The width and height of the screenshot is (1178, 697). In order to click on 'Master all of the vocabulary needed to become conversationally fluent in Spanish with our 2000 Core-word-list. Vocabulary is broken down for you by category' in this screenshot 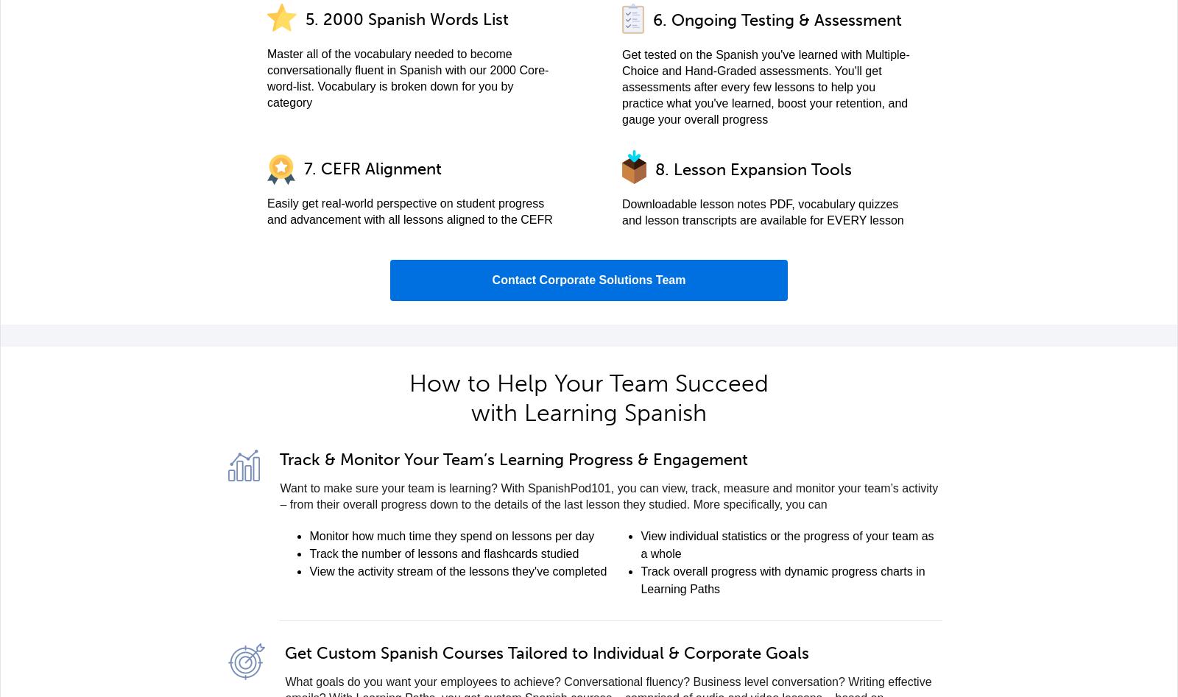, I will do `click(267, 77)`.